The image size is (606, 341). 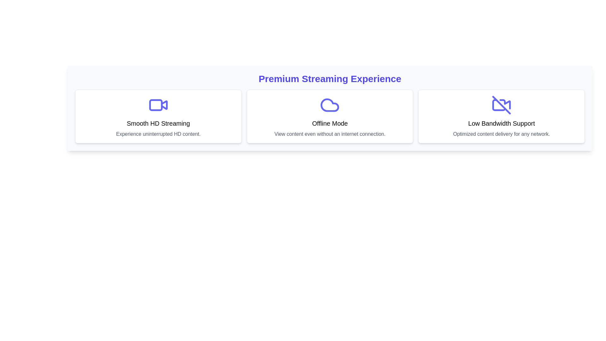 I want to click on the text label reading 'Experience uninterrupted HD content.' which is styled in gray and positioned below the title 'Smooth HD Streaming' within a white rectangular card, so click(x=158, y=134).